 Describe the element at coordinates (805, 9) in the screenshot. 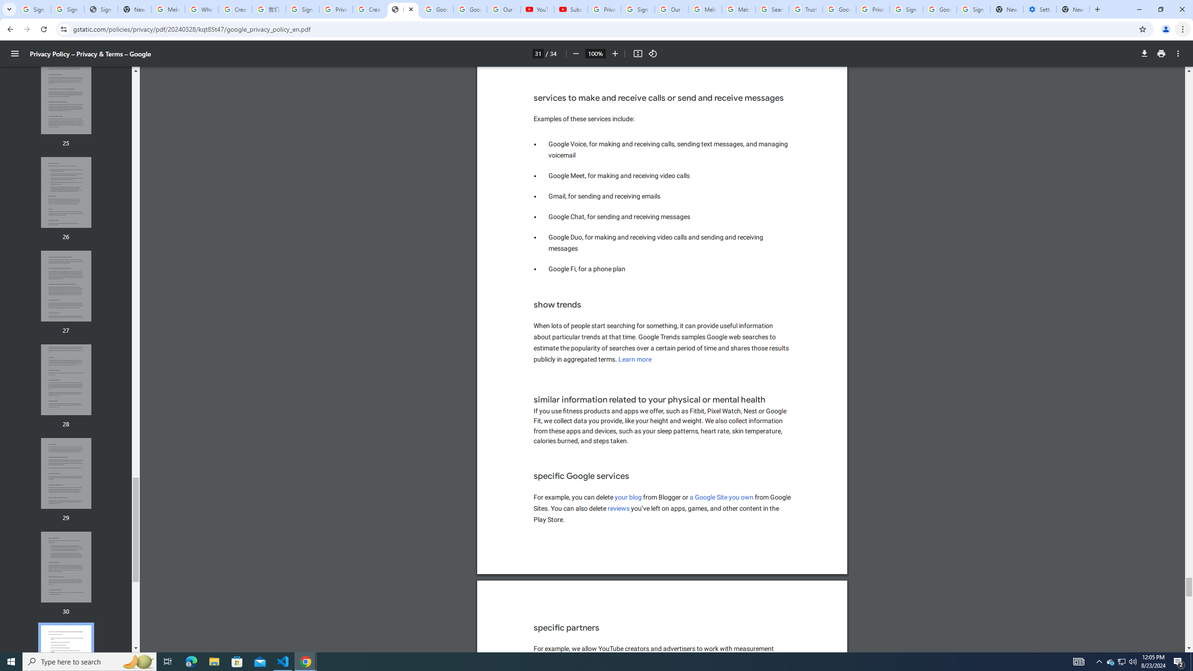

I see `'Trusted Information and Content - Google Safety Center'` at that location.